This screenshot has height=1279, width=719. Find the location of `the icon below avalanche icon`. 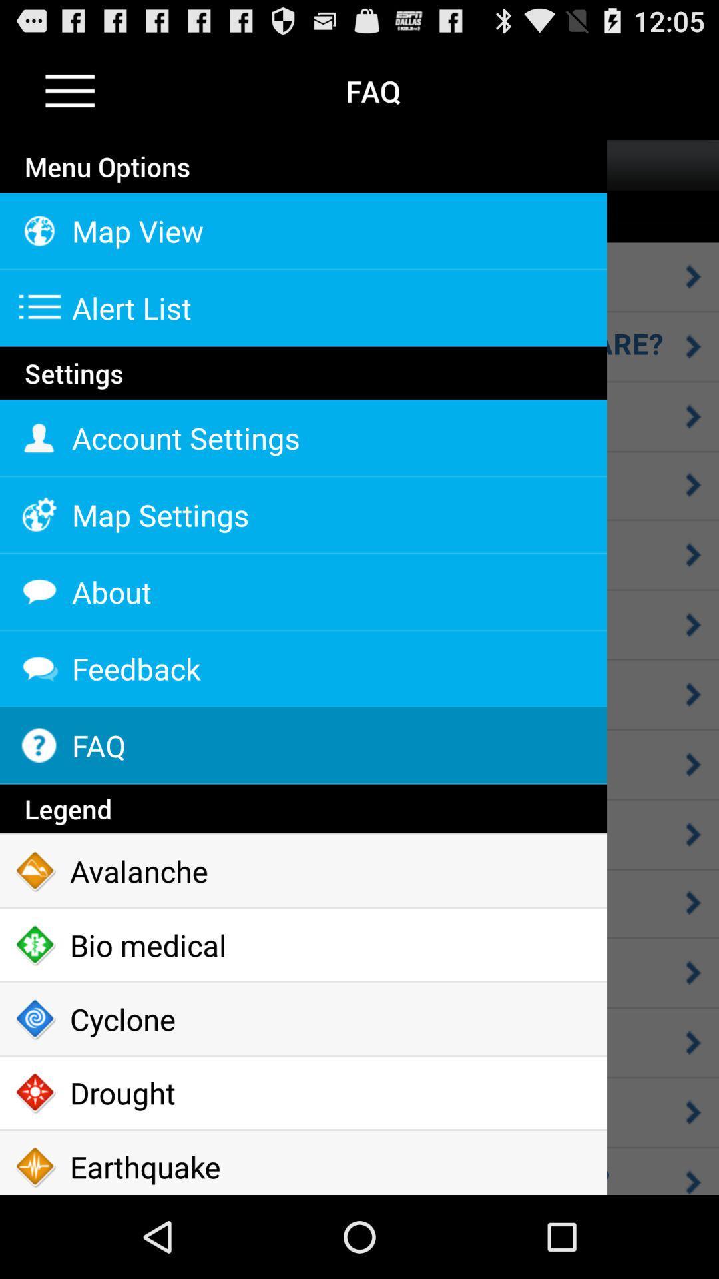

the icon below avalanche icon is located at coordinates (303, 945).